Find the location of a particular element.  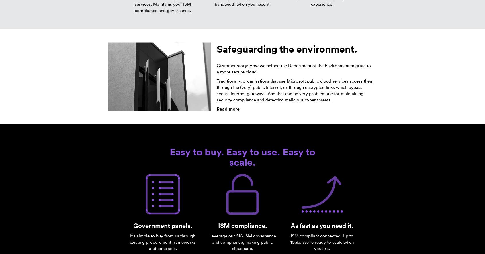

'Read more' is located at coordinates (228, 109).